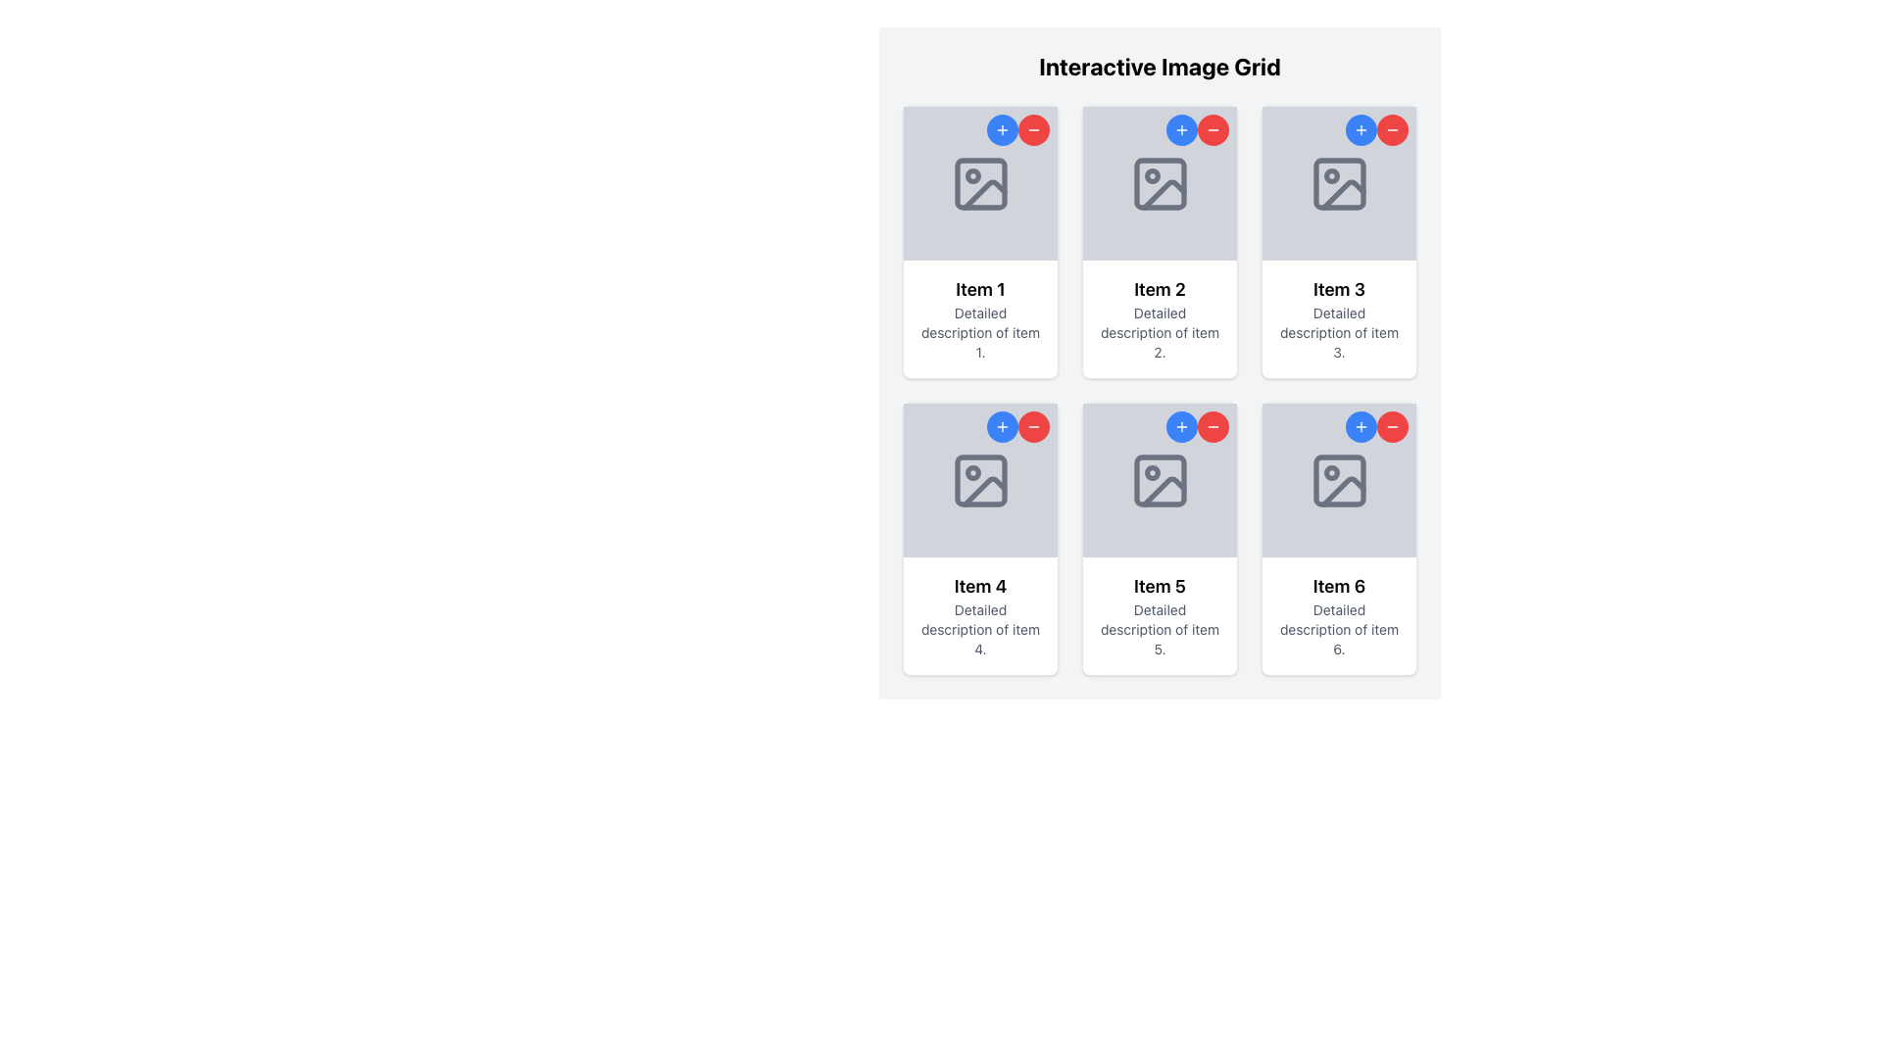 Image resolution: width=1882 pixels, height=1058 pixels. Describe the element at coordinates (1338, 331) in the screenshot. I see `descriptive text located below the header 'Item 3' in the second column of the first row in the grid layout` at that location.